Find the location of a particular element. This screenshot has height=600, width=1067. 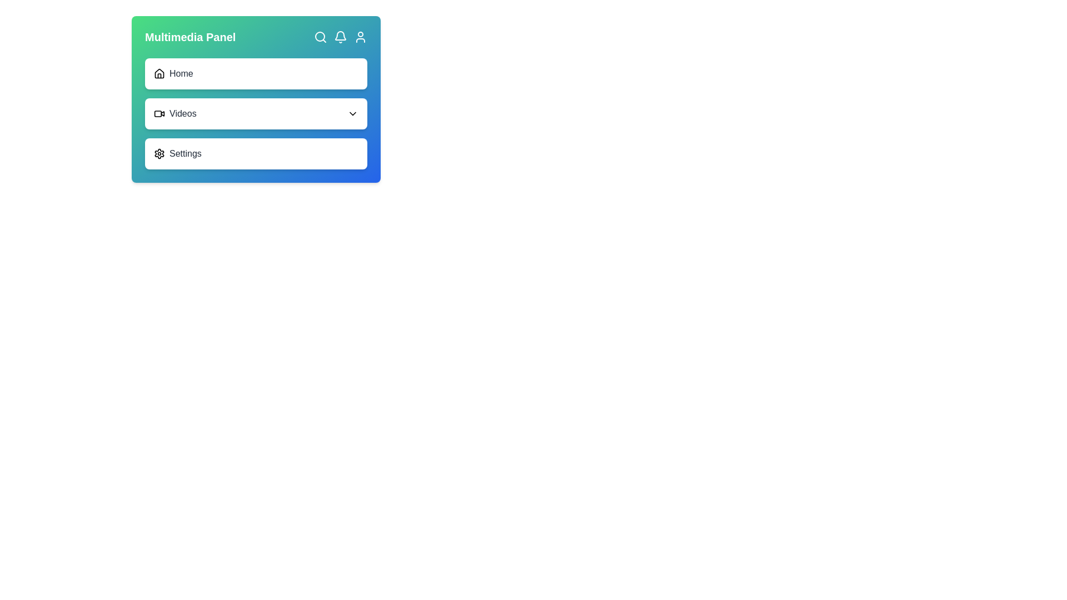

the 'Videos' icon located to the left of the 'Videos' text in the multimedia panel is located at coordinates (157, 113).